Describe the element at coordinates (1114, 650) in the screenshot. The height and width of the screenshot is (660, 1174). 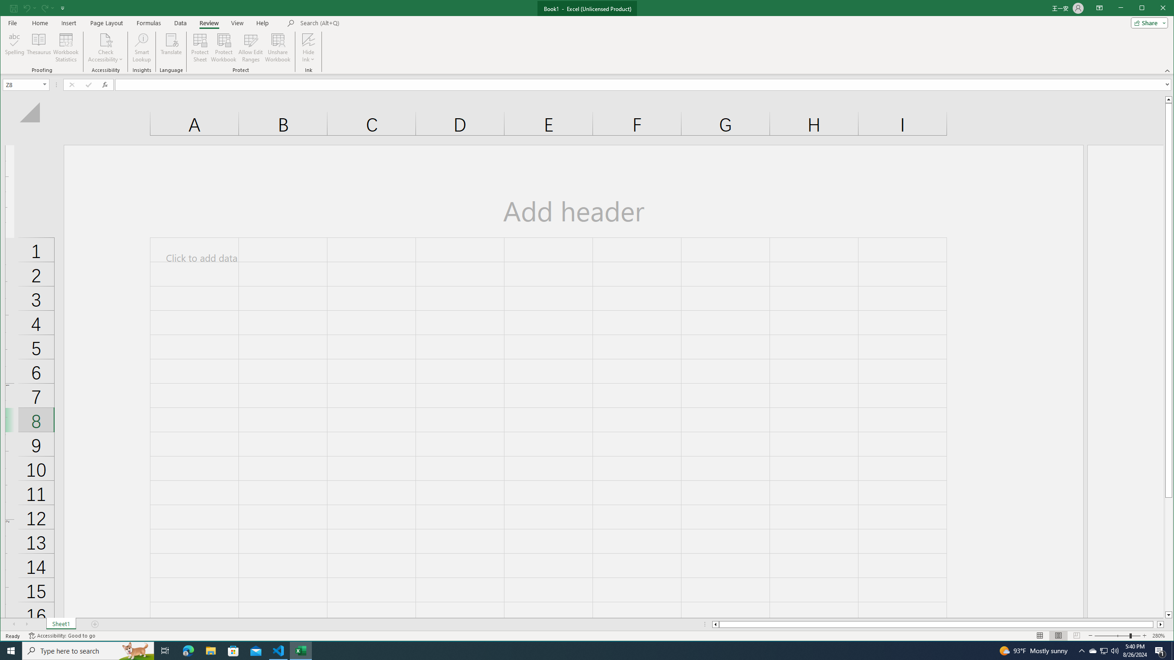
I see `'Q2790: 100%'` at that location.